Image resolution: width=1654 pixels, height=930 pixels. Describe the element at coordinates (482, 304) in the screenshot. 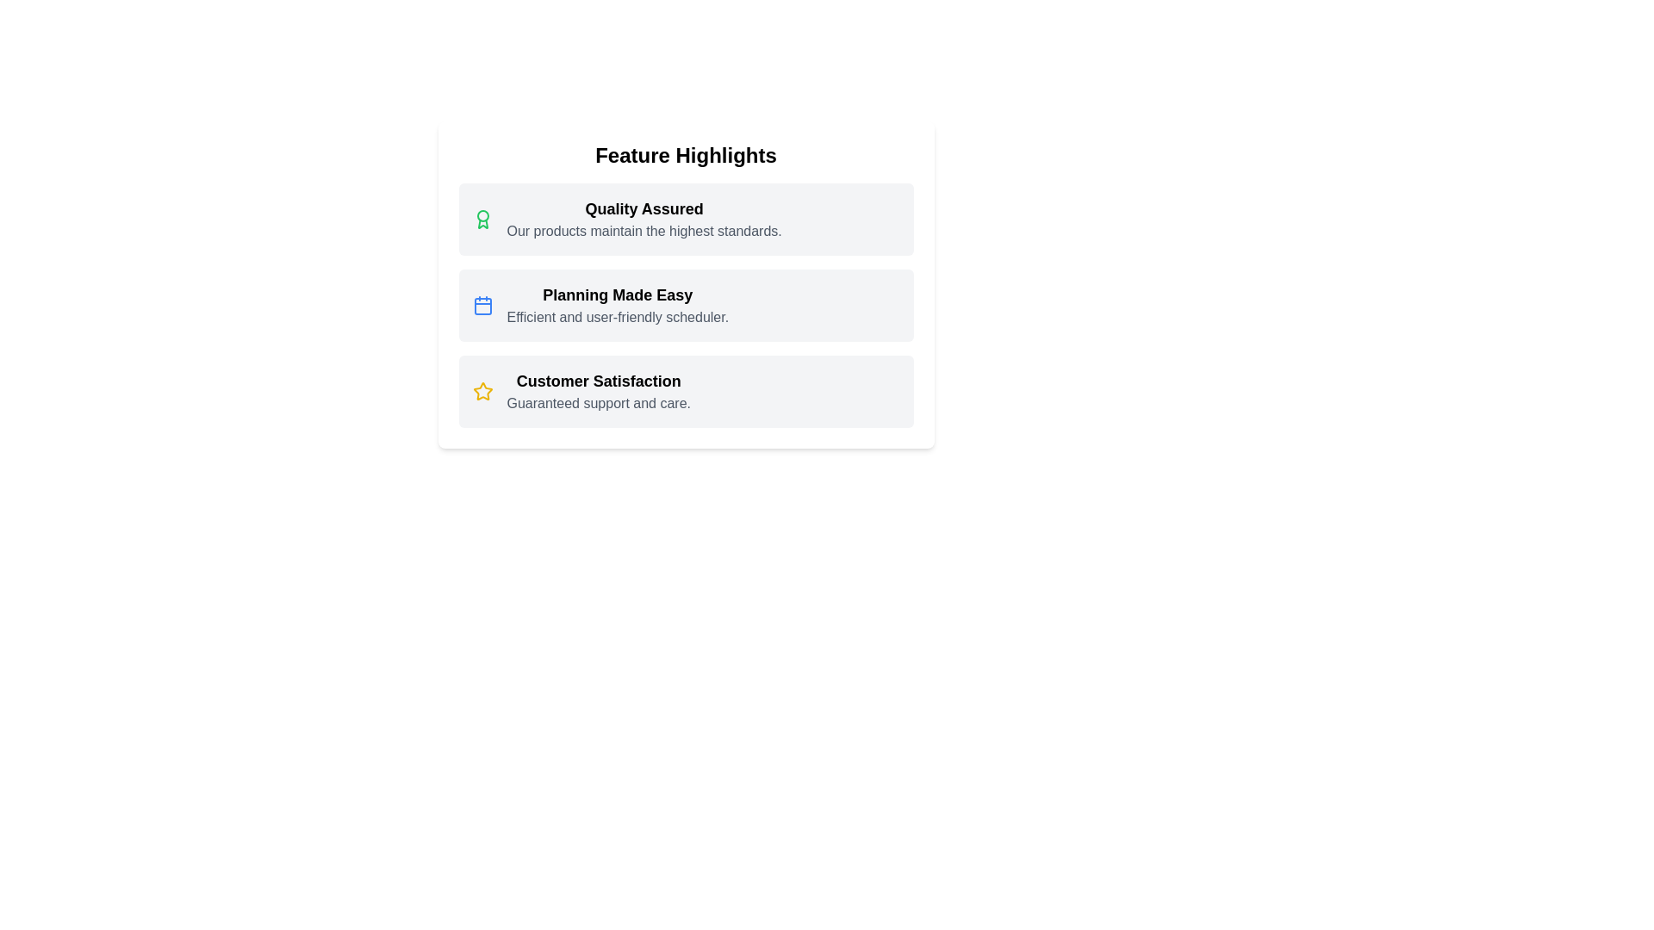

I see `the calendar icon located in the 'Planning Made Easy' section, which is the first item on the left side of the descriptive text` at that location.